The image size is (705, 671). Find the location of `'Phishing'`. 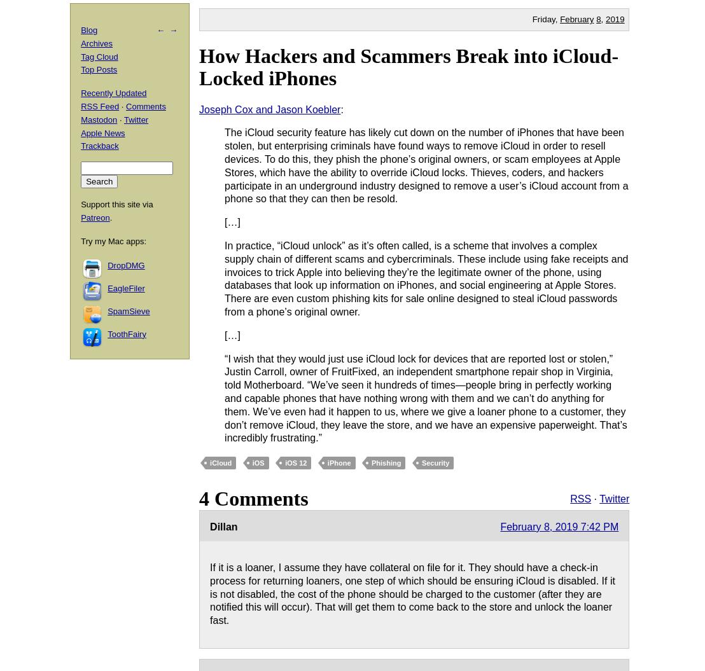

'Phishing' is located at coordinates (385, 462).